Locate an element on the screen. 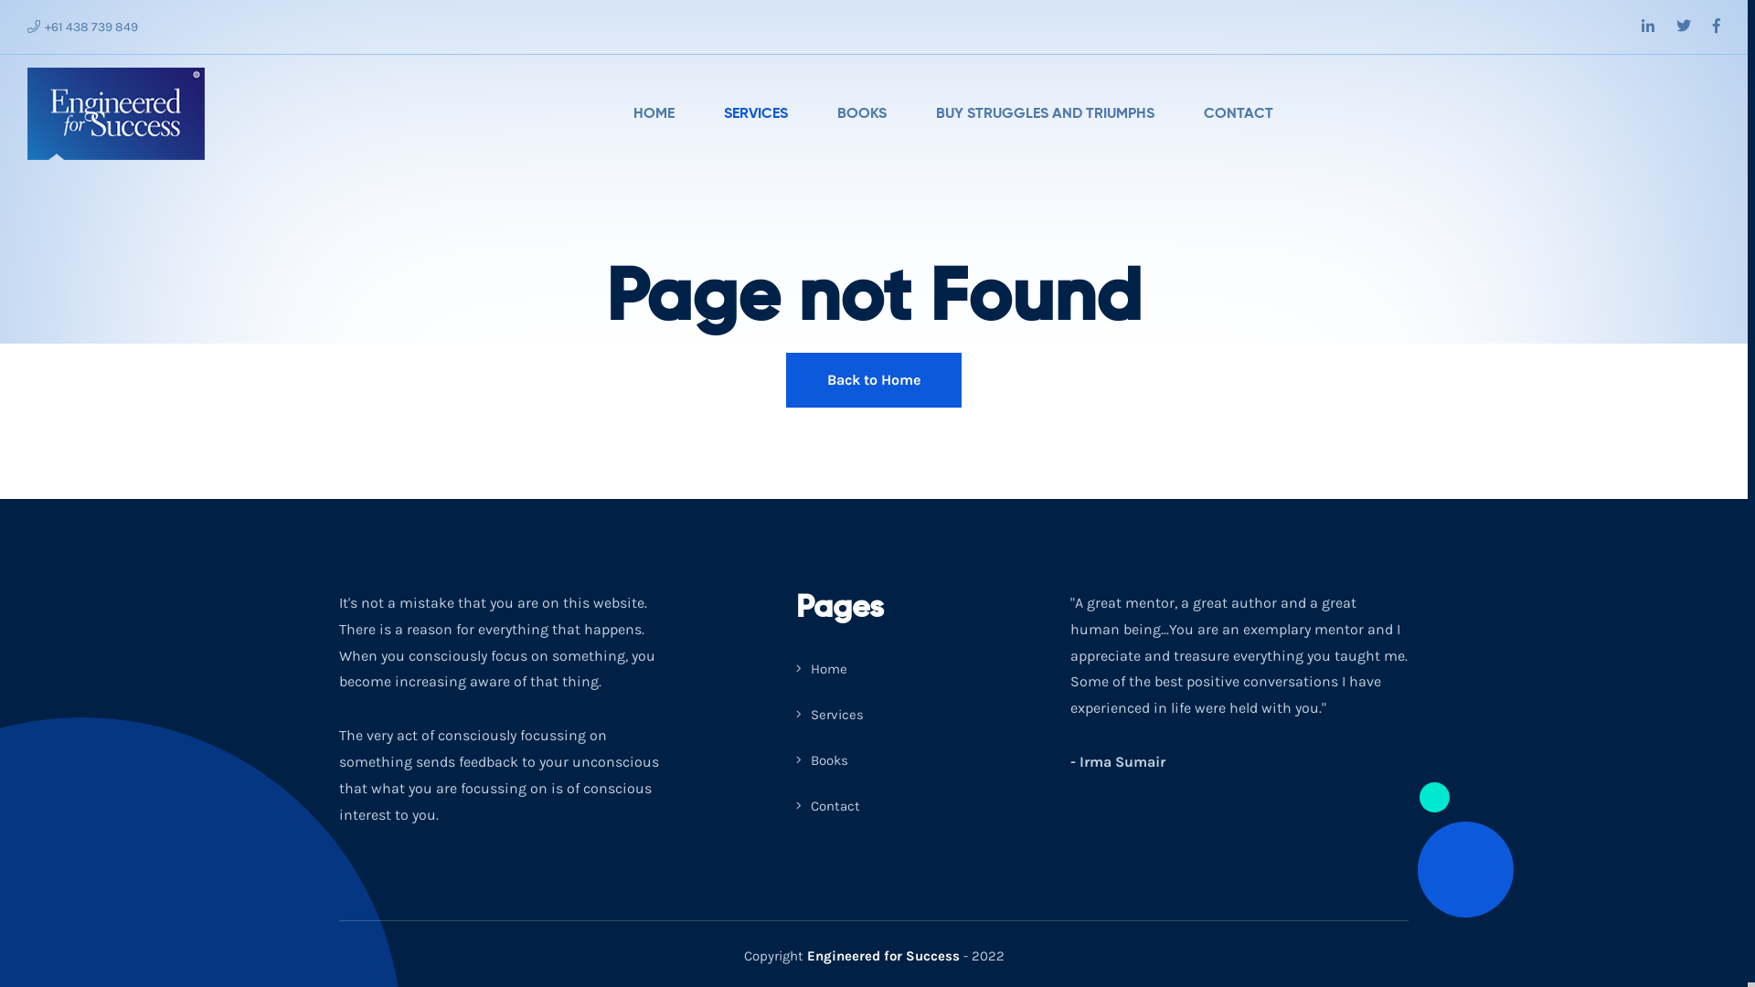 This screenshot has height=987, width=1755. 'Back to Home' is located at coordinates (872, 379).